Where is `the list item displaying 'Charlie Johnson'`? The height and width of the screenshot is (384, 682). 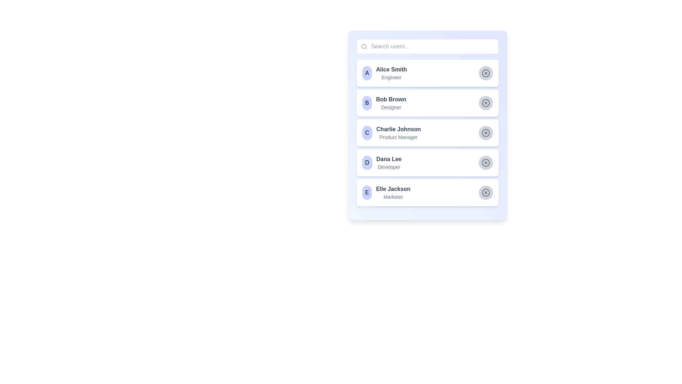
the list item displaying 'Charlie Johnson' is located at coordinates (427, 125).